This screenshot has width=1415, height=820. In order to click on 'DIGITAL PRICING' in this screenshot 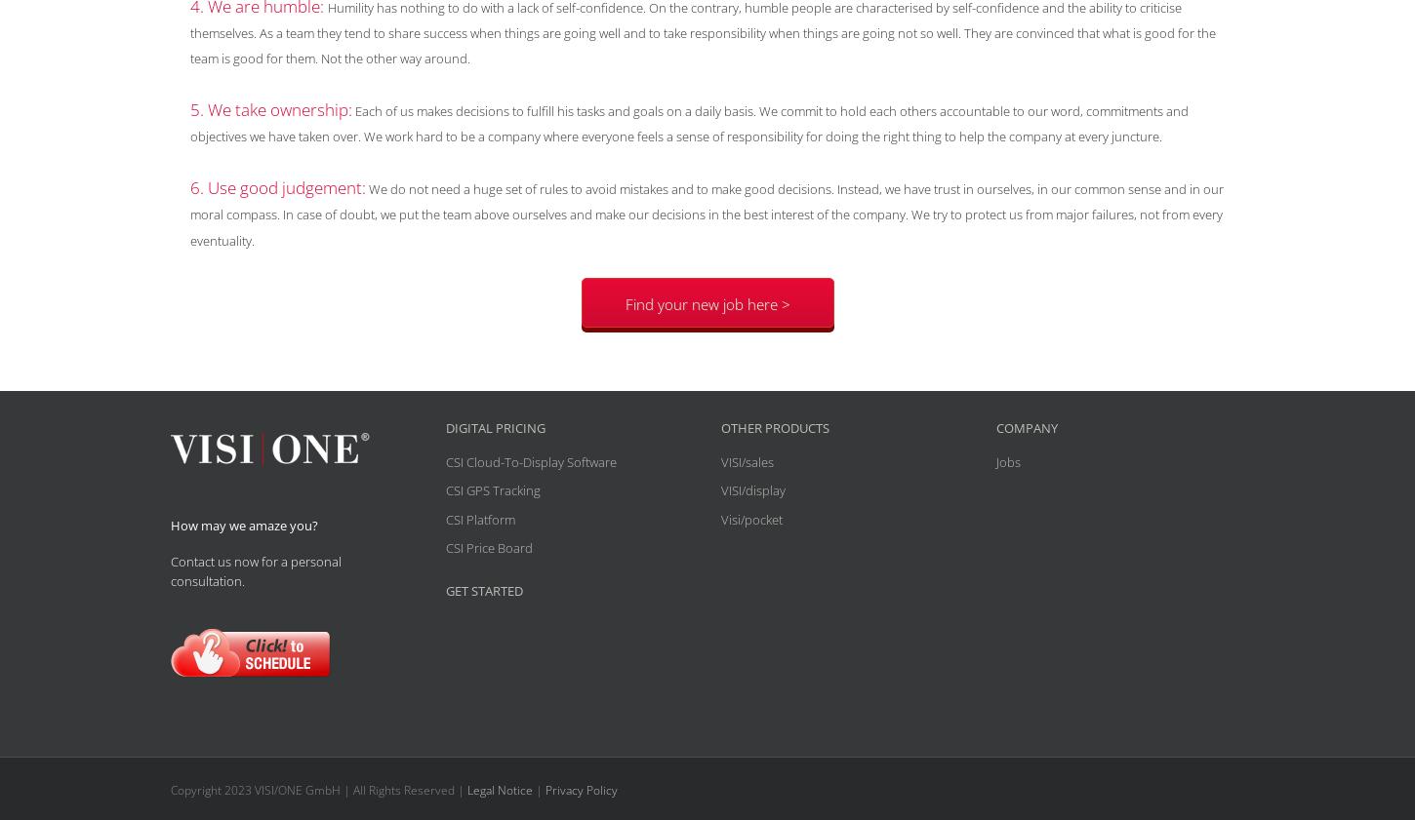, I will do `click(495, 426)`.